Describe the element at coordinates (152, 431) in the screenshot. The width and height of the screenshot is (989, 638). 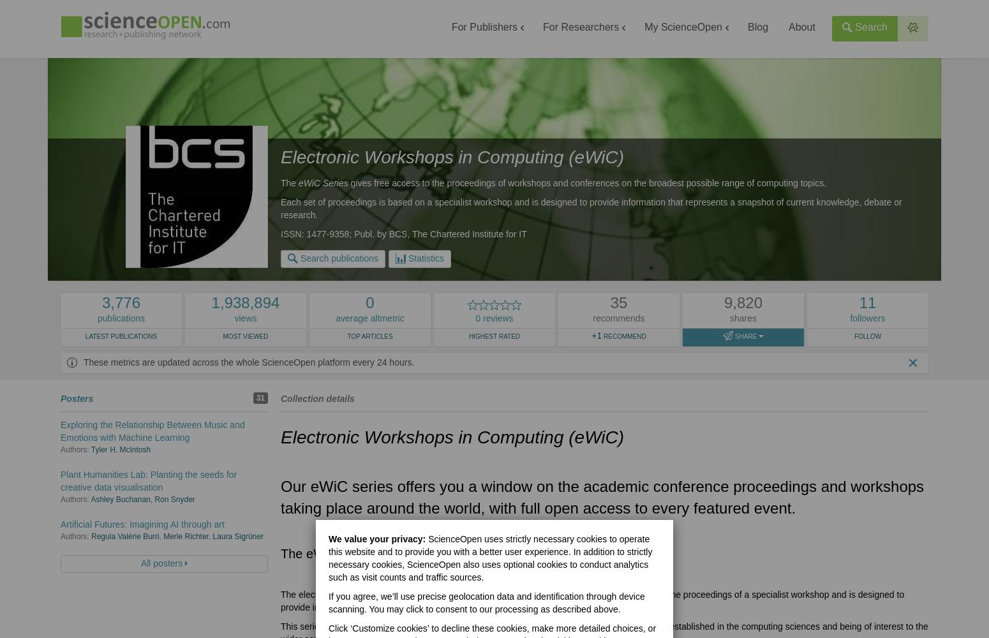
I see `'Exploring the Relationship Between Music and Emotions with Machine Learning'` at that location.